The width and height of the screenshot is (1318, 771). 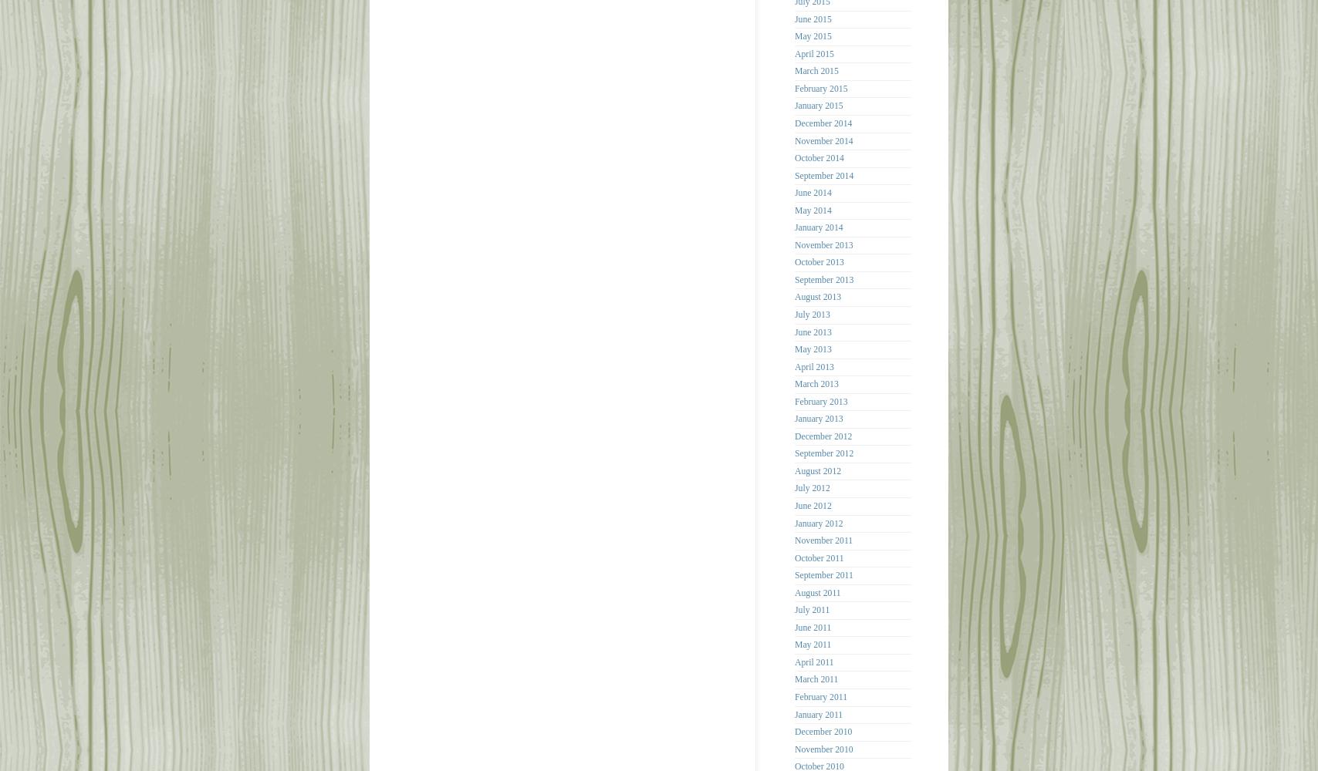 What do you see at coordinates (824, 278) in the screenshot?
I see `'September 2013'` at bounding box center [824, 278].